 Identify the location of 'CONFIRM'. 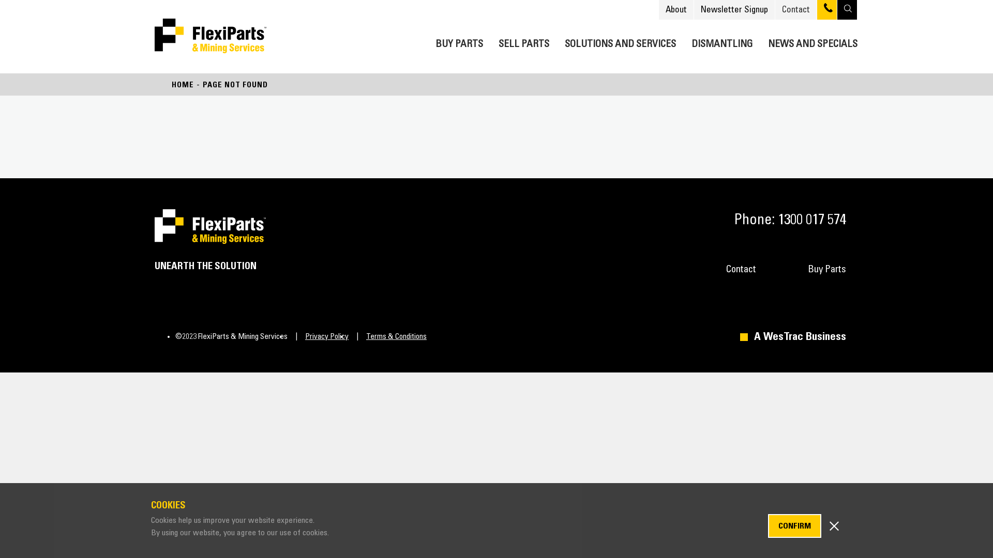
(794, 526).